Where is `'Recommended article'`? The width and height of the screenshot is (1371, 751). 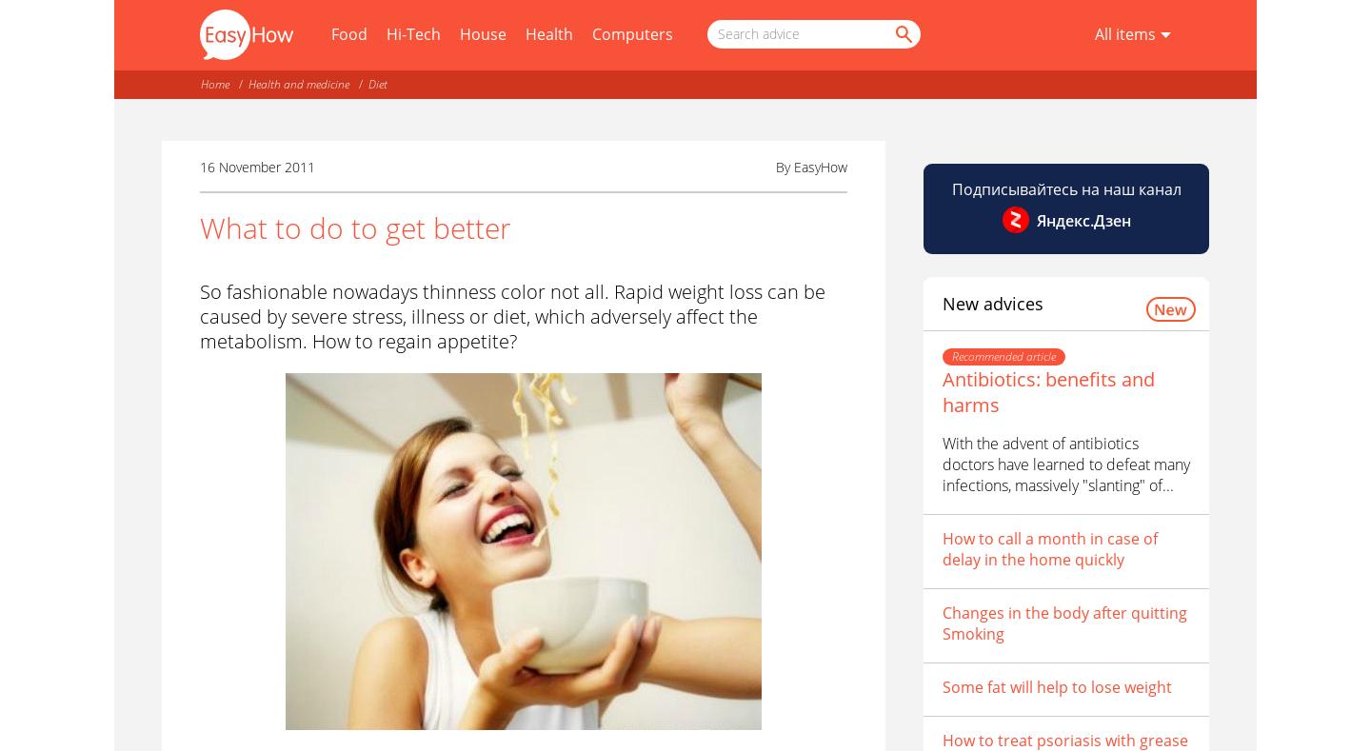
'Recommended article' is located at coordinates (1003, 355).